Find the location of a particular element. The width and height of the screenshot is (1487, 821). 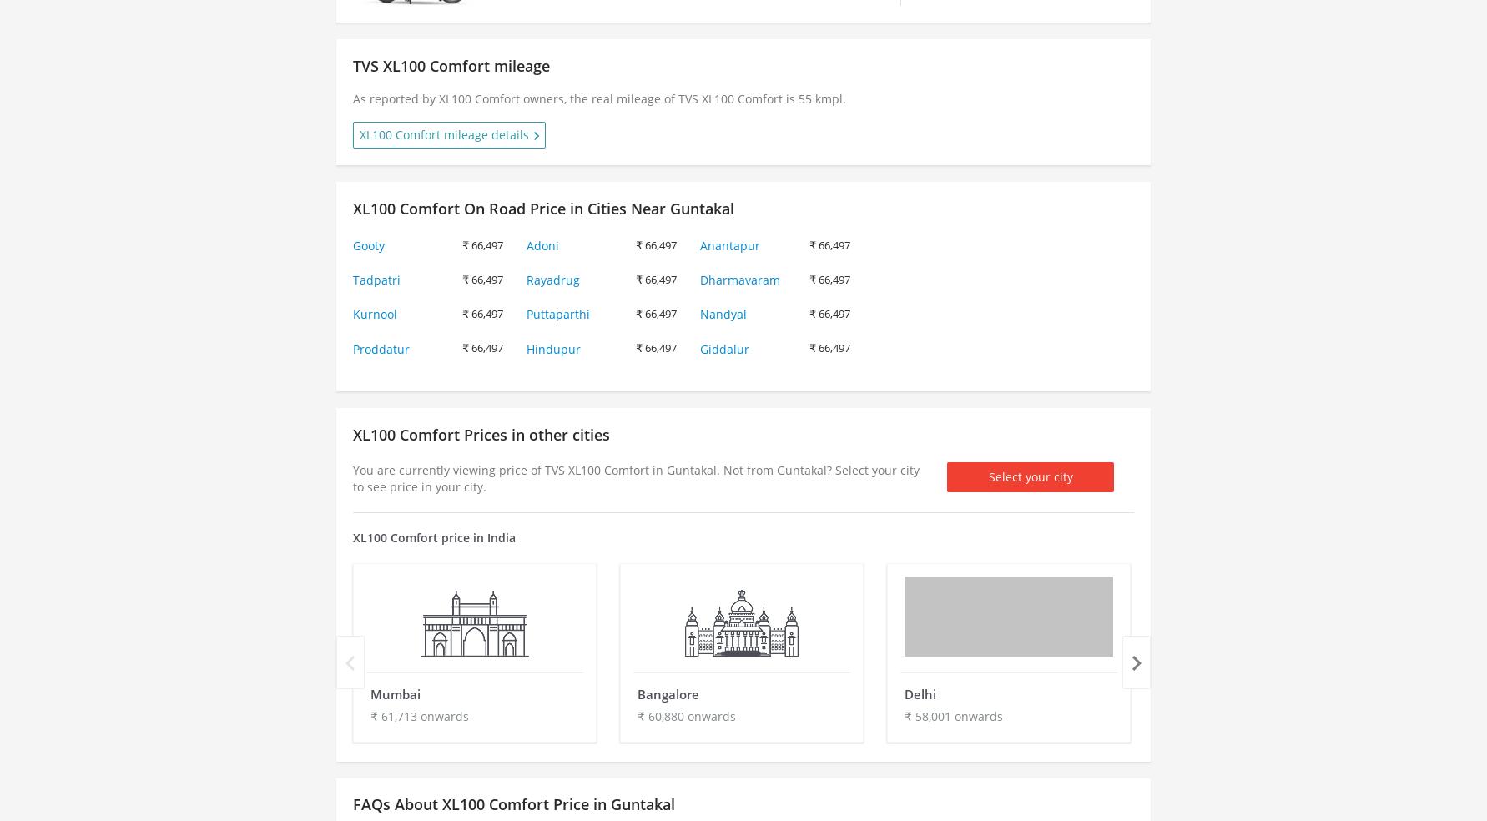

'Proddatur' is located at coordinates (381, 348).